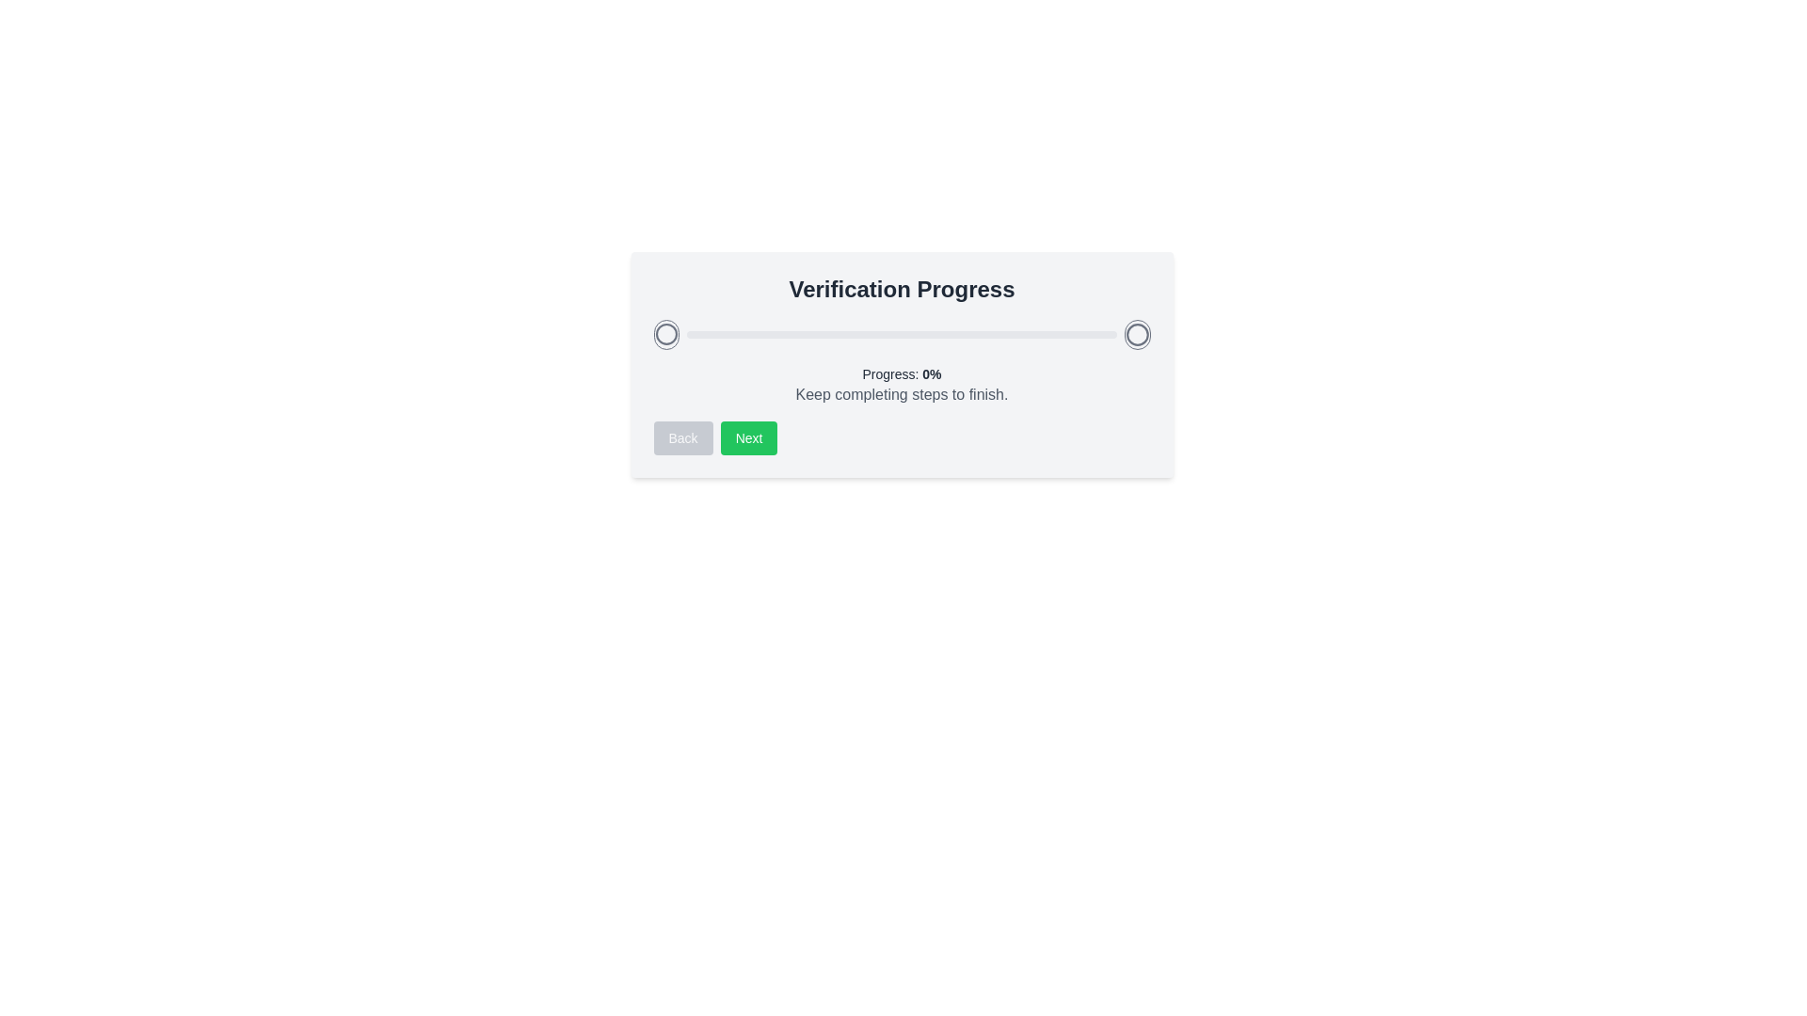 This screenshot has height=1016, width=1807. Describe the element at coordinates (901, 394) in the screenshot. I see `the static text display that shows the message 'Keep completing steps to finish.' which is styled in gray color and located below the progress description in the progress-tracking UI` at that location.